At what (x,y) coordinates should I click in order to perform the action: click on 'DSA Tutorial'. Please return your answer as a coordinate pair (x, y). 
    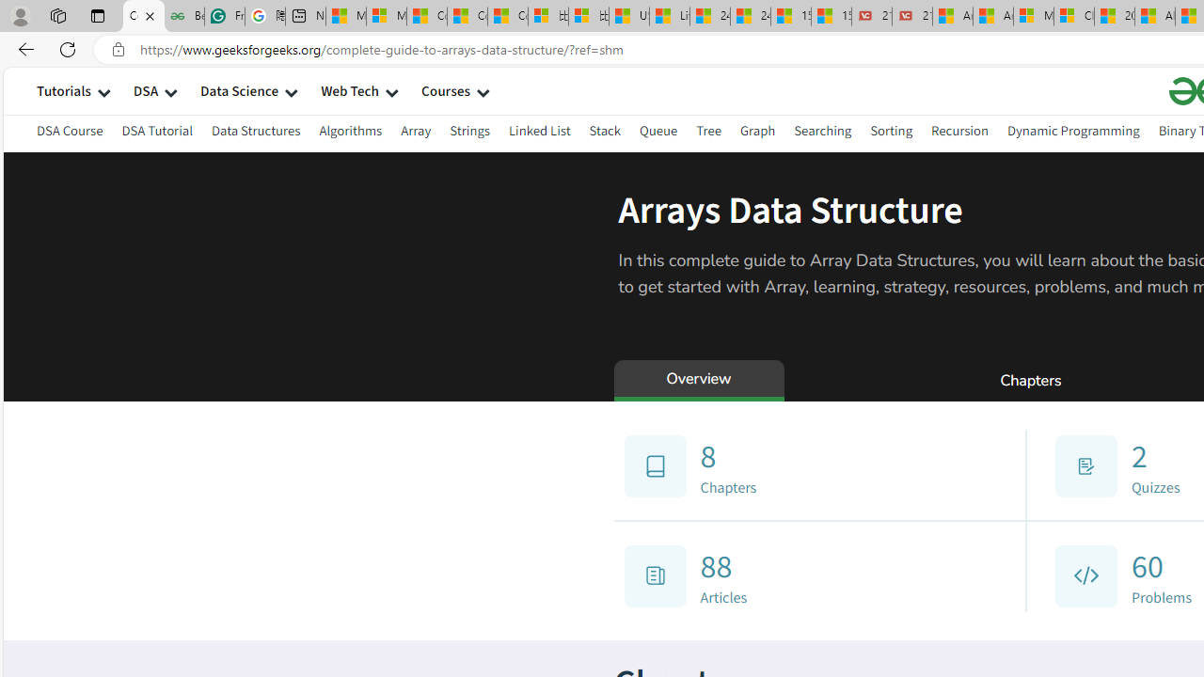
    Looking at the image, I should click on (157, 130).